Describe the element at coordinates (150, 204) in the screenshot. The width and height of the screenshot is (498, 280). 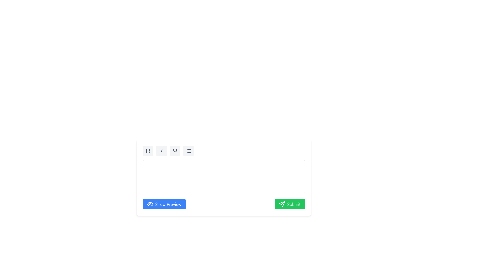
I see `the eye symbol SVG icon located to the left of the 'Show Preview' text in the blue button` at that location.